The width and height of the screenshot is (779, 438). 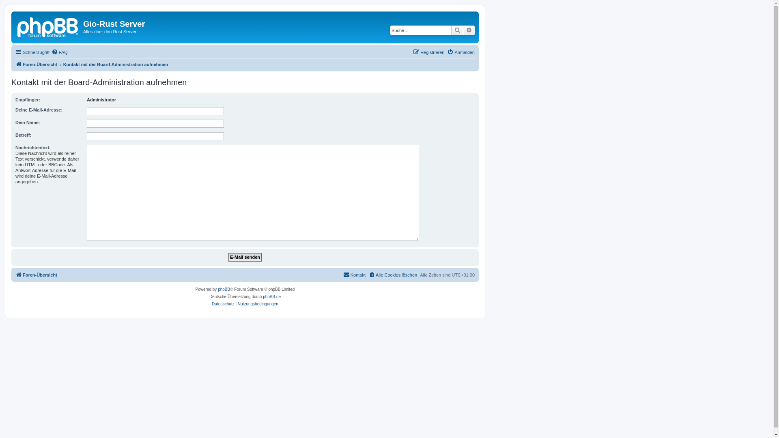 What do you see at coordinates (461, 52) in the screenshot?
I see `'Anmelden'` at bounding box center [461, 52].